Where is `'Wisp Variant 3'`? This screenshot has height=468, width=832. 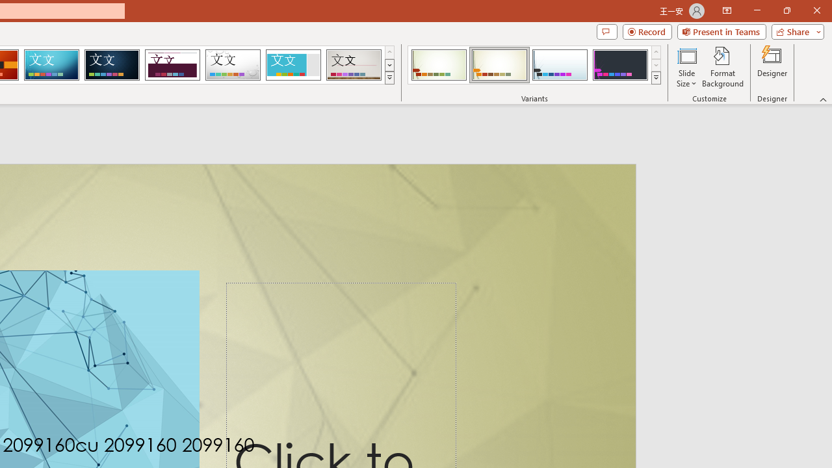
'Wisp Variant 3' is located at coordinates (560, 65).